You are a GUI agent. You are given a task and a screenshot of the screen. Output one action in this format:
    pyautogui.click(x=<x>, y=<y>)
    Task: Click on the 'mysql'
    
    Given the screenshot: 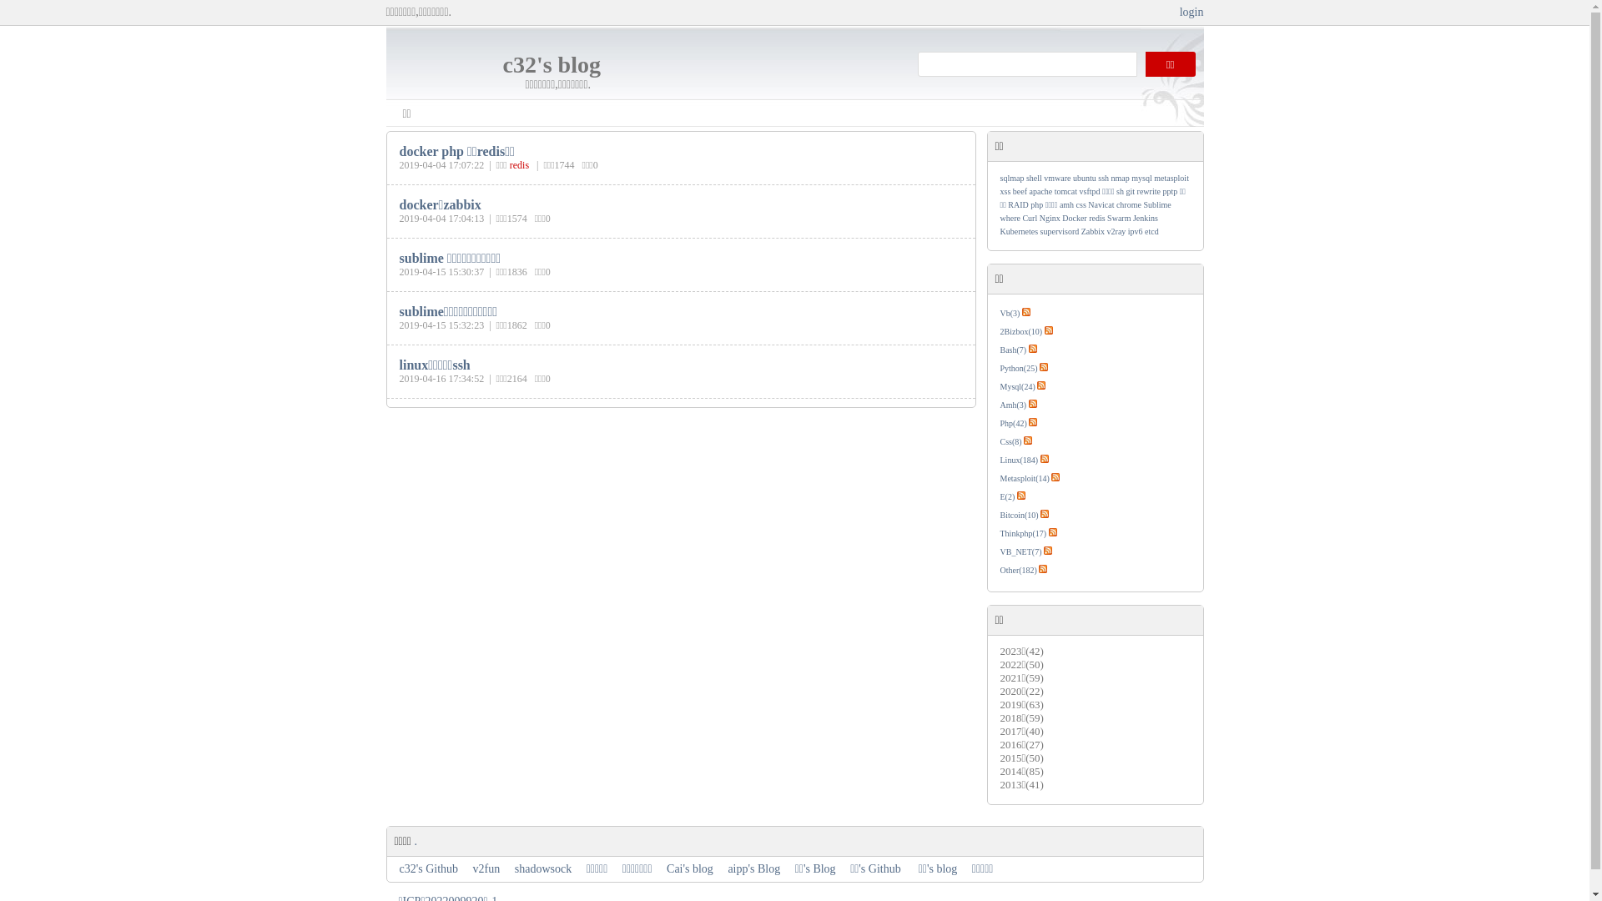 What is the action you would take?
    pyautogui.click(x=1141, y=178)
    